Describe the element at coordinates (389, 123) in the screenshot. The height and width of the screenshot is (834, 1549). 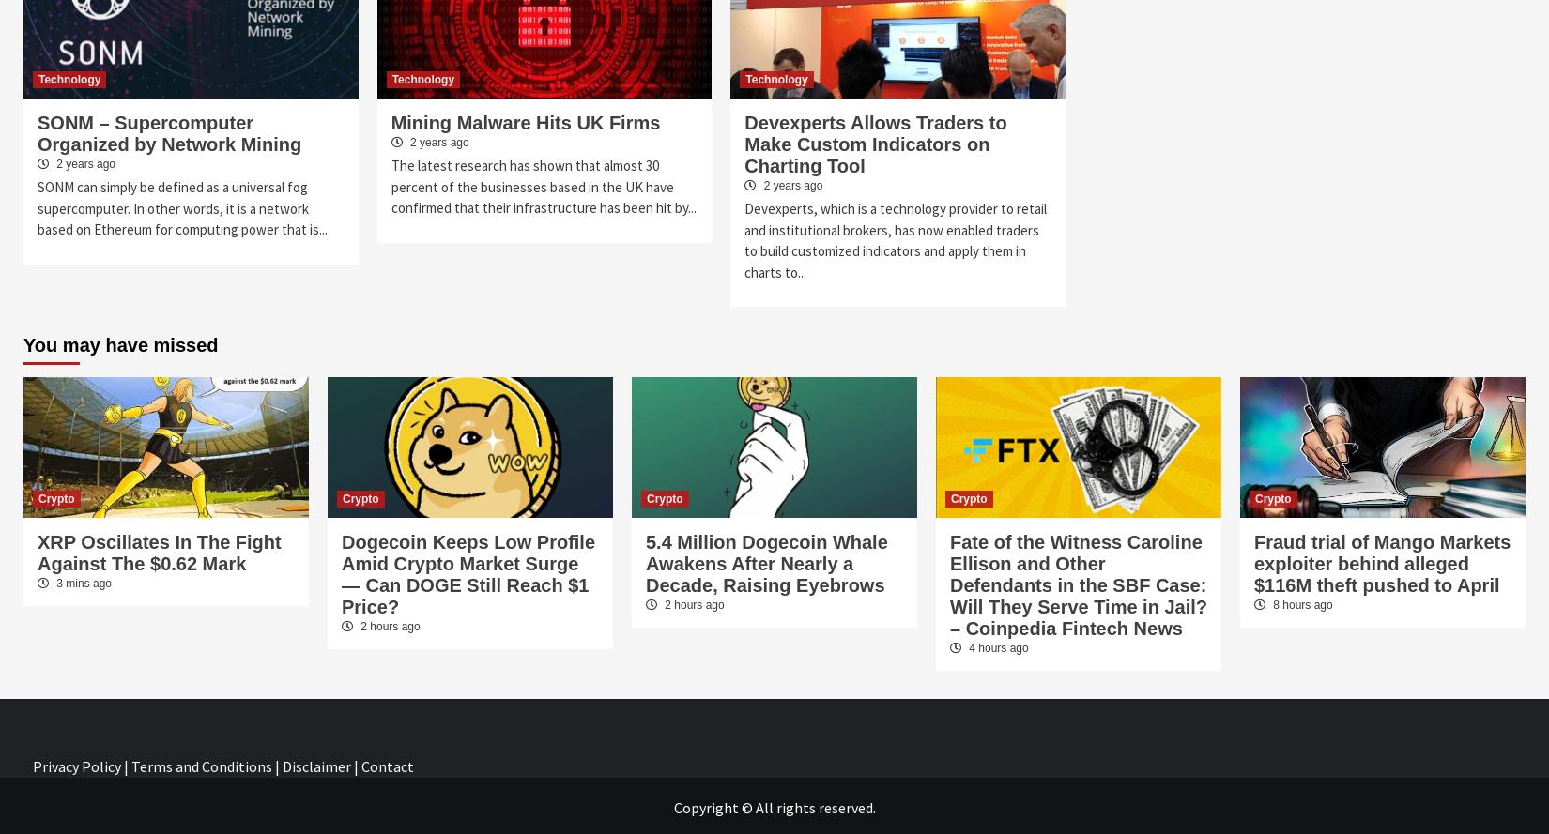
I see `'Mining Malware Hits UK Firms'` at that location.